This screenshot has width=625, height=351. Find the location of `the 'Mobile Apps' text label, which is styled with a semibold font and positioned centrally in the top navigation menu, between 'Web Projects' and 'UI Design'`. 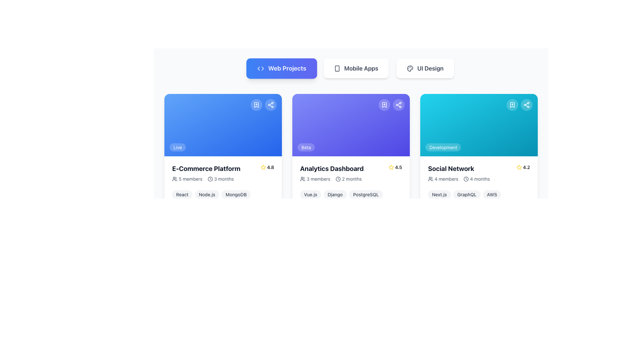

the 'Mobile Apps' text label, which is styled with a semibold font and positioned centrally in the top navigation menu, between 'Web Projects' and 'UI Design' is located at coordinates (361, 69).